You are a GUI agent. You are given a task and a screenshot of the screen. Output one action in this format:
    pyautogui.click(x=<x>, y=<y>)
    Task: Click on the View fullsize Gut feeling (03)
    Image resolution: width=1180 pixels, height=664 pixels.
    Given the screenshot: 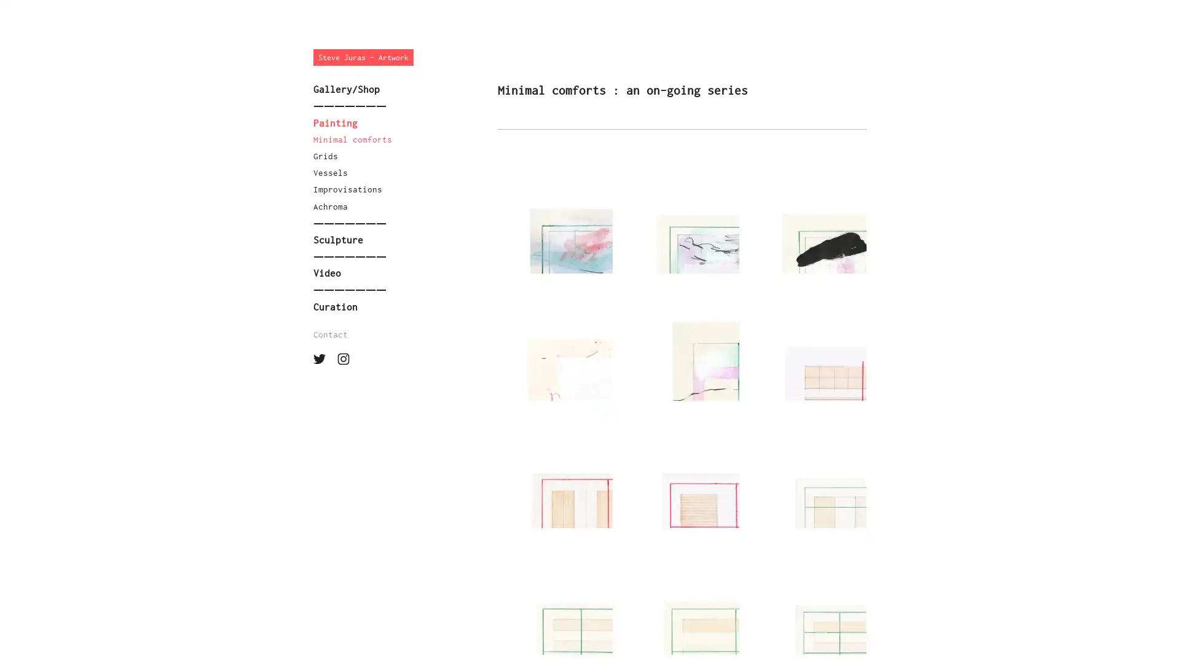 What is the action you would take?
    pyautogui.click(x=808, y=215)
    